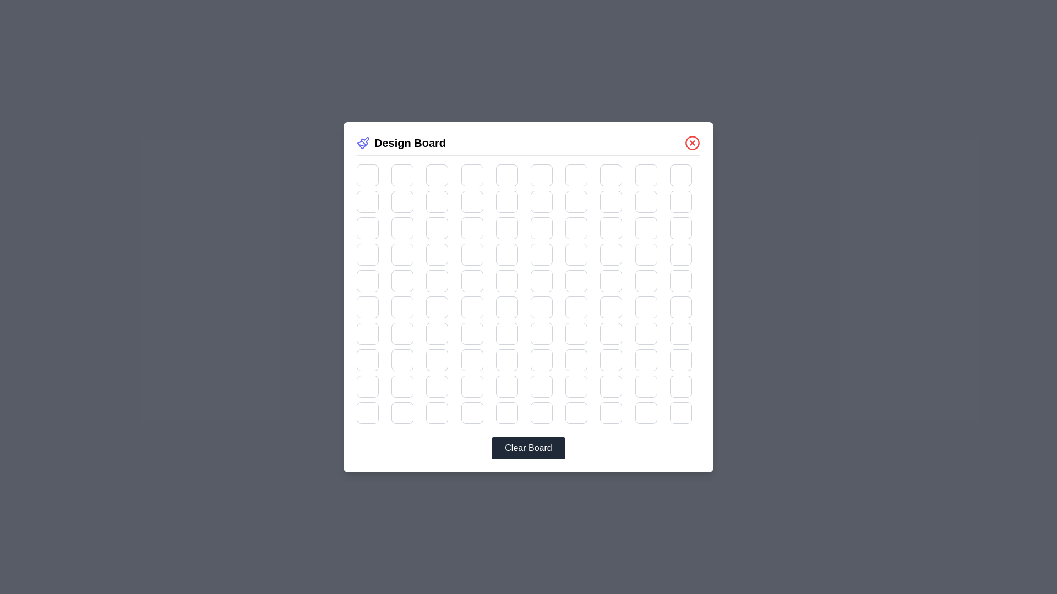 The width and height of the screenshot is (1057, 594). Describe the element at coordinates (528, 448) in the screenshot. I see `'Clear Board' button to reset all cells` at that location.